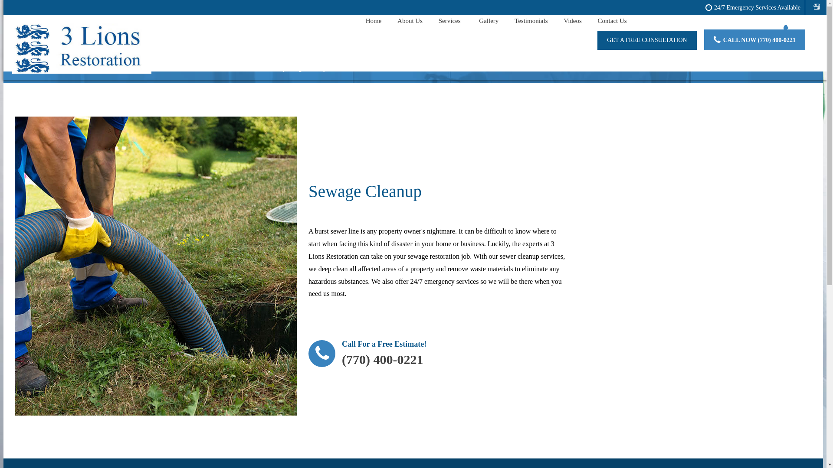 This screenshot has width=833, height=468. What do you see at coordinates (647, 40) in the screenshot?
I see `'GET A FREE CONSULTATION'` at bounding box center [647, 40].